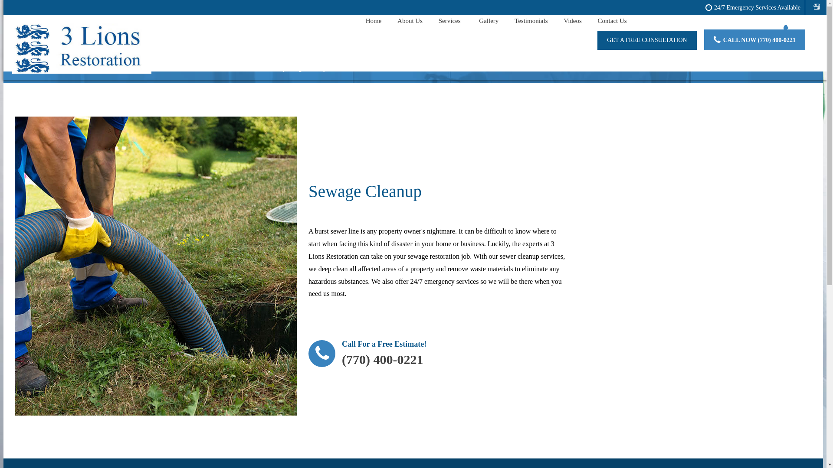 This screenshot has width=833, height=468. What do you see at coordinates (647, 40) in the screenshot?
I see `'GET A FREE CONSULTATION'` at bounding box center [647, 40].